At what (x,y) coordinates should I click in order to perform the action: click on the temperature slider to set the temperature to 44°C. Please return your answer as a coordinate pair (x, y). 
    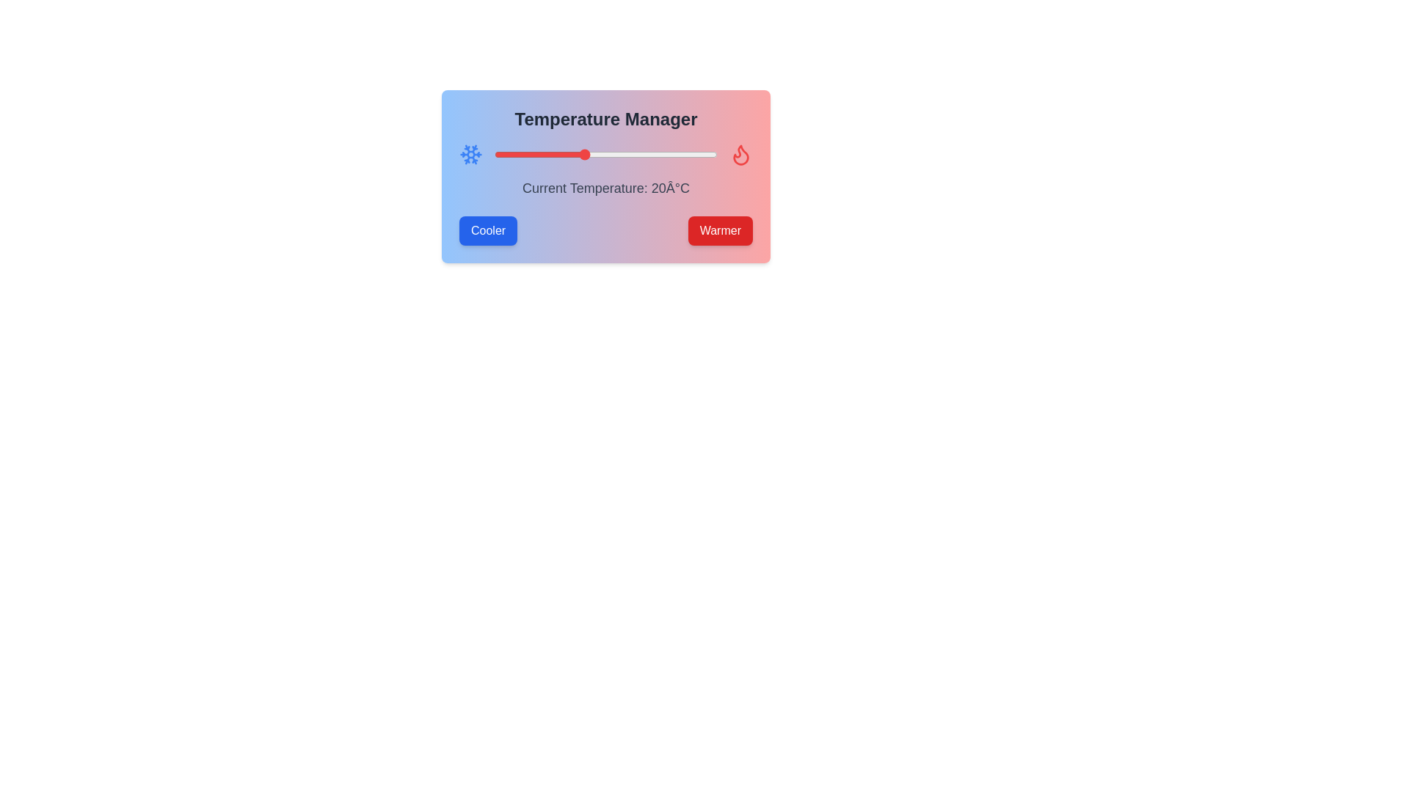
    Looking at the image, I should click on (690, 155).